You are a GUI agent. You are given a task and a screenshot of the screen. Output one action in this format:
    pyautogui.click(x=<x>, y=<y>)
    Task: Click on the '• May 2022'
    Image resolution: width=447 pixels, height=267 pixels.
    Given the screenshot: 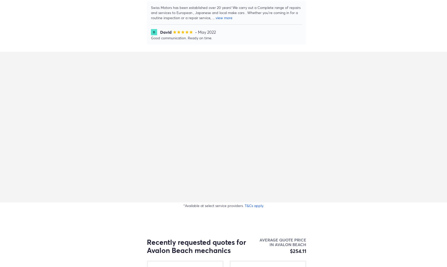 What is the action you would take?
    pyautogui.click(x=205, y=32)
    